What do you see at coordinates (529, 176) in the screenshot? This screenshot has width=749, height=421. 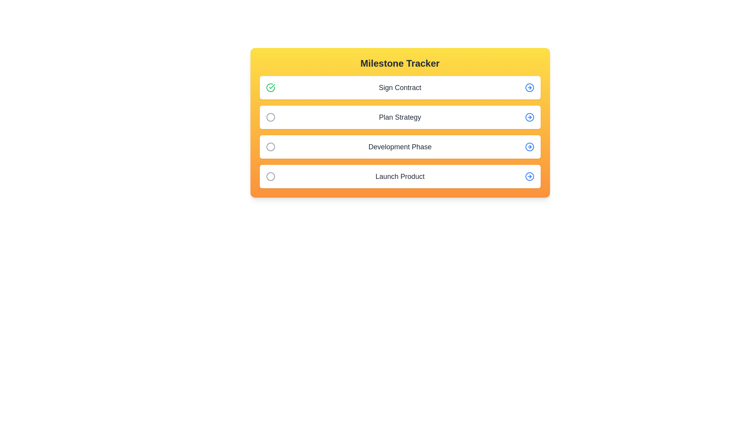 I see `the circular navigation icon with a blue arrow pointing to the right, located at the right end of the 'Launch Product' row` at bounding box center [529, 176].